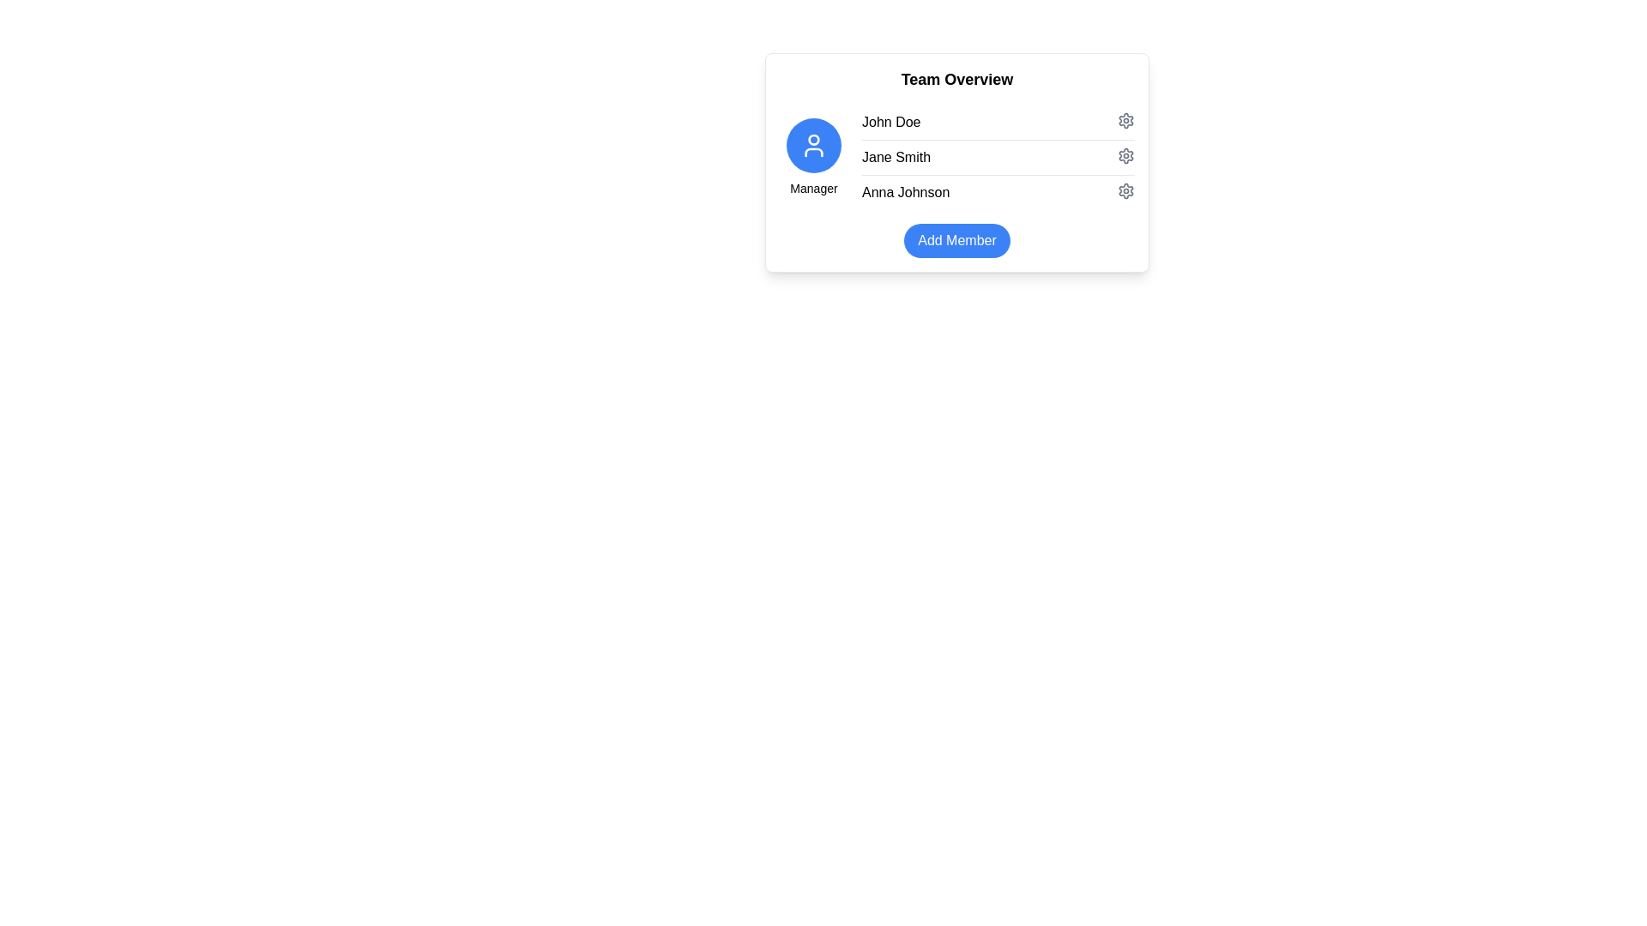  Describe the element at coordinates (1126, 155) in the screenshot. I see `the settings icon located on the right side of the 'Jane Smith' entry` at that location.